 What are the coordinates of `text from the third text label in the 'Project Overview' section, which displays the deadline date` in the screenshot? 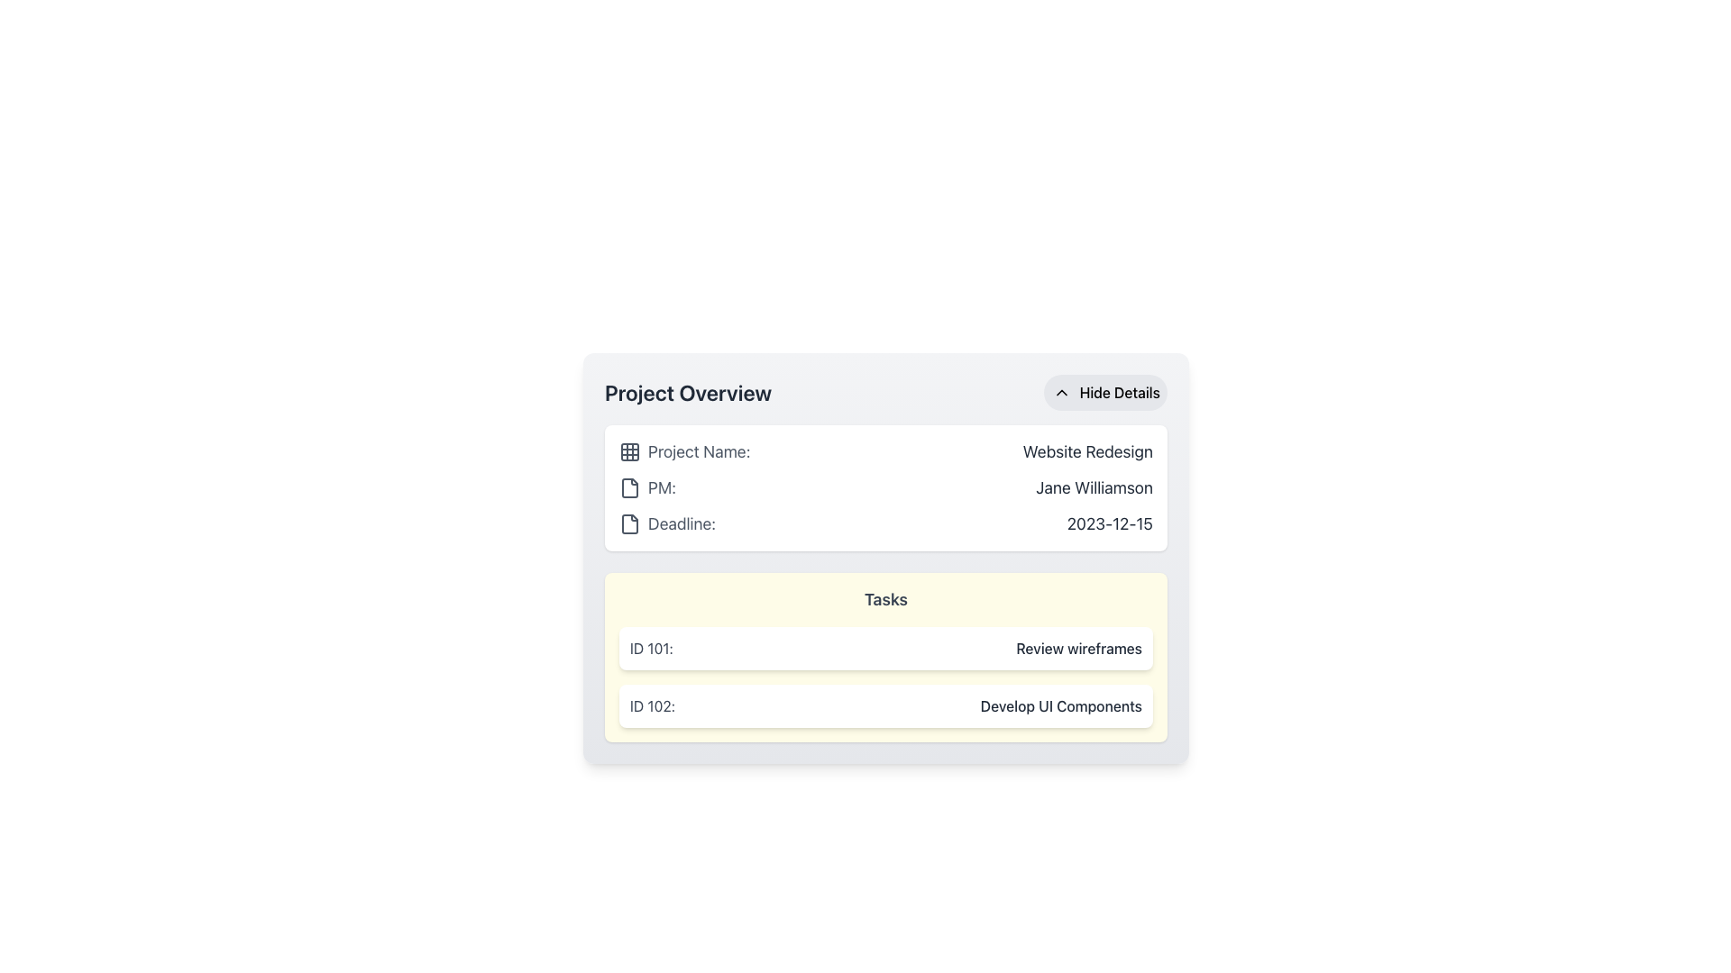 It's located at (681, 524).